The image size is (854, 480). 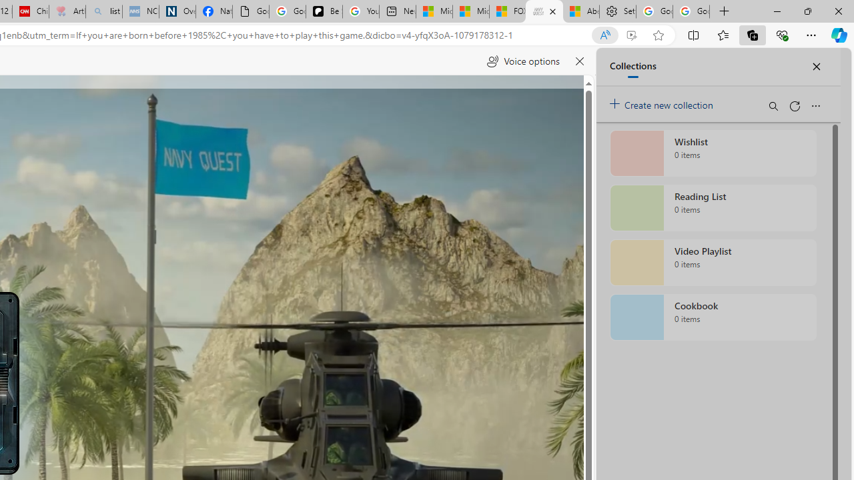 What do you see at coordinates (141, 11) in the screenshot?
I see `'NCL Adult Asthma Inhaler Choice Guideline - Sleeping'` at bounding box center [141, 11].